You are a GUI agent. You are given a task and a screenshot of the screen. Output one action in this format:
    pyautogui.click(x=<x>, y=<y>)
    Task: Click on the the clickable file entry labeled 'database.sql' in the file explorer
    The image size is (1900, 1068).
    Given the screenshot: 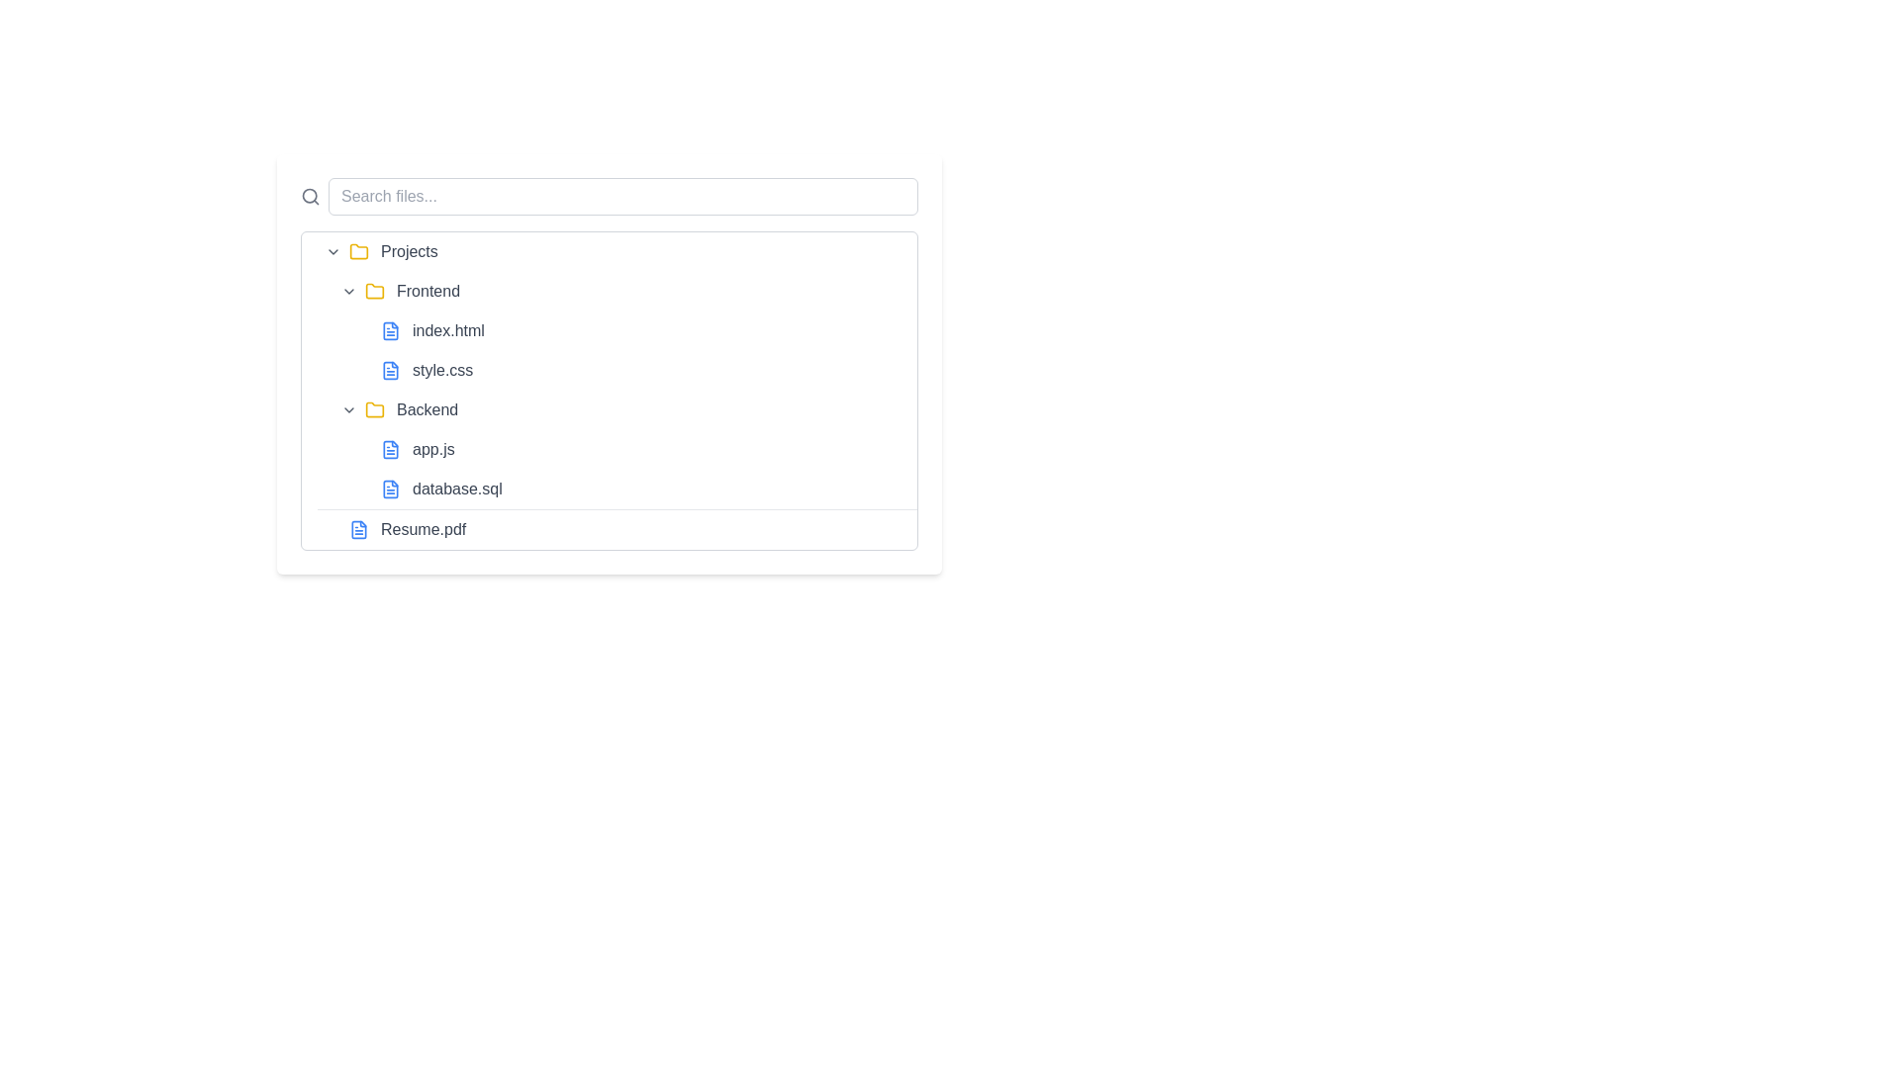 What is the action you would take?
    pyautogui.click(x=631, y=489)
    